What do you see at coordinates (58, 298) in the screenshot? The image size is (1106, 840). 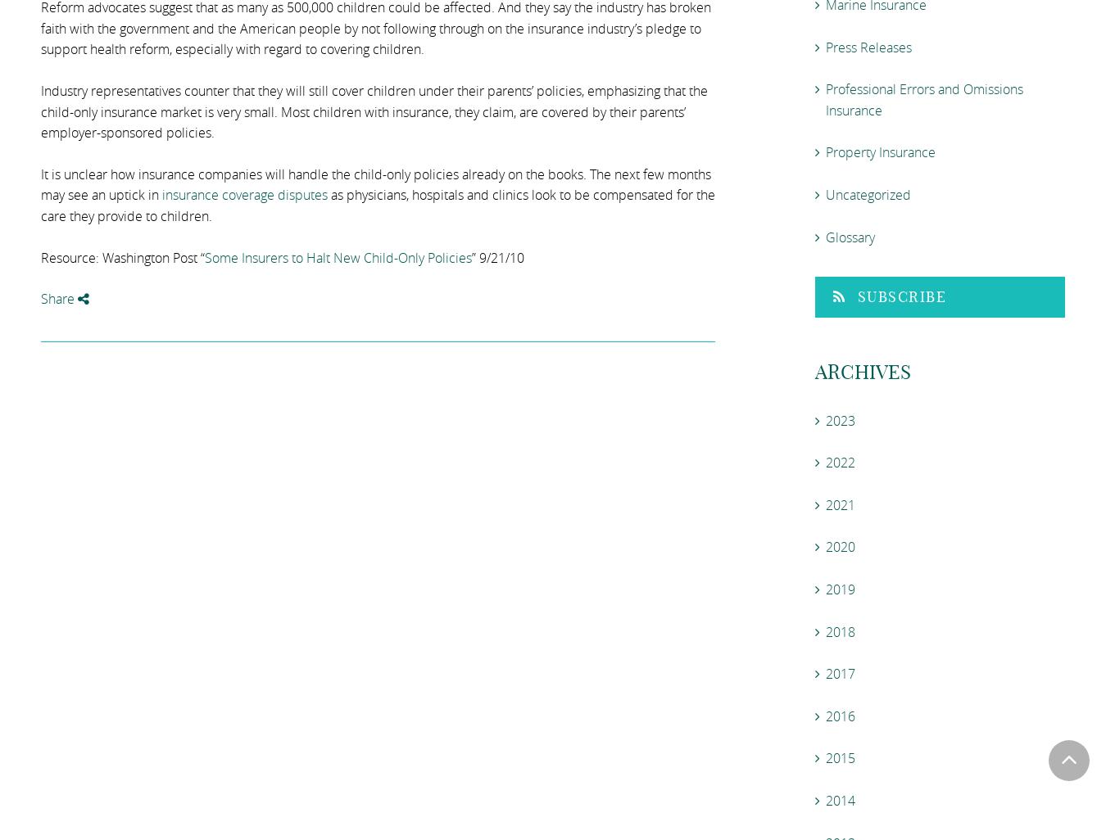 I see `'Share'` at bounding box center [58, 298].